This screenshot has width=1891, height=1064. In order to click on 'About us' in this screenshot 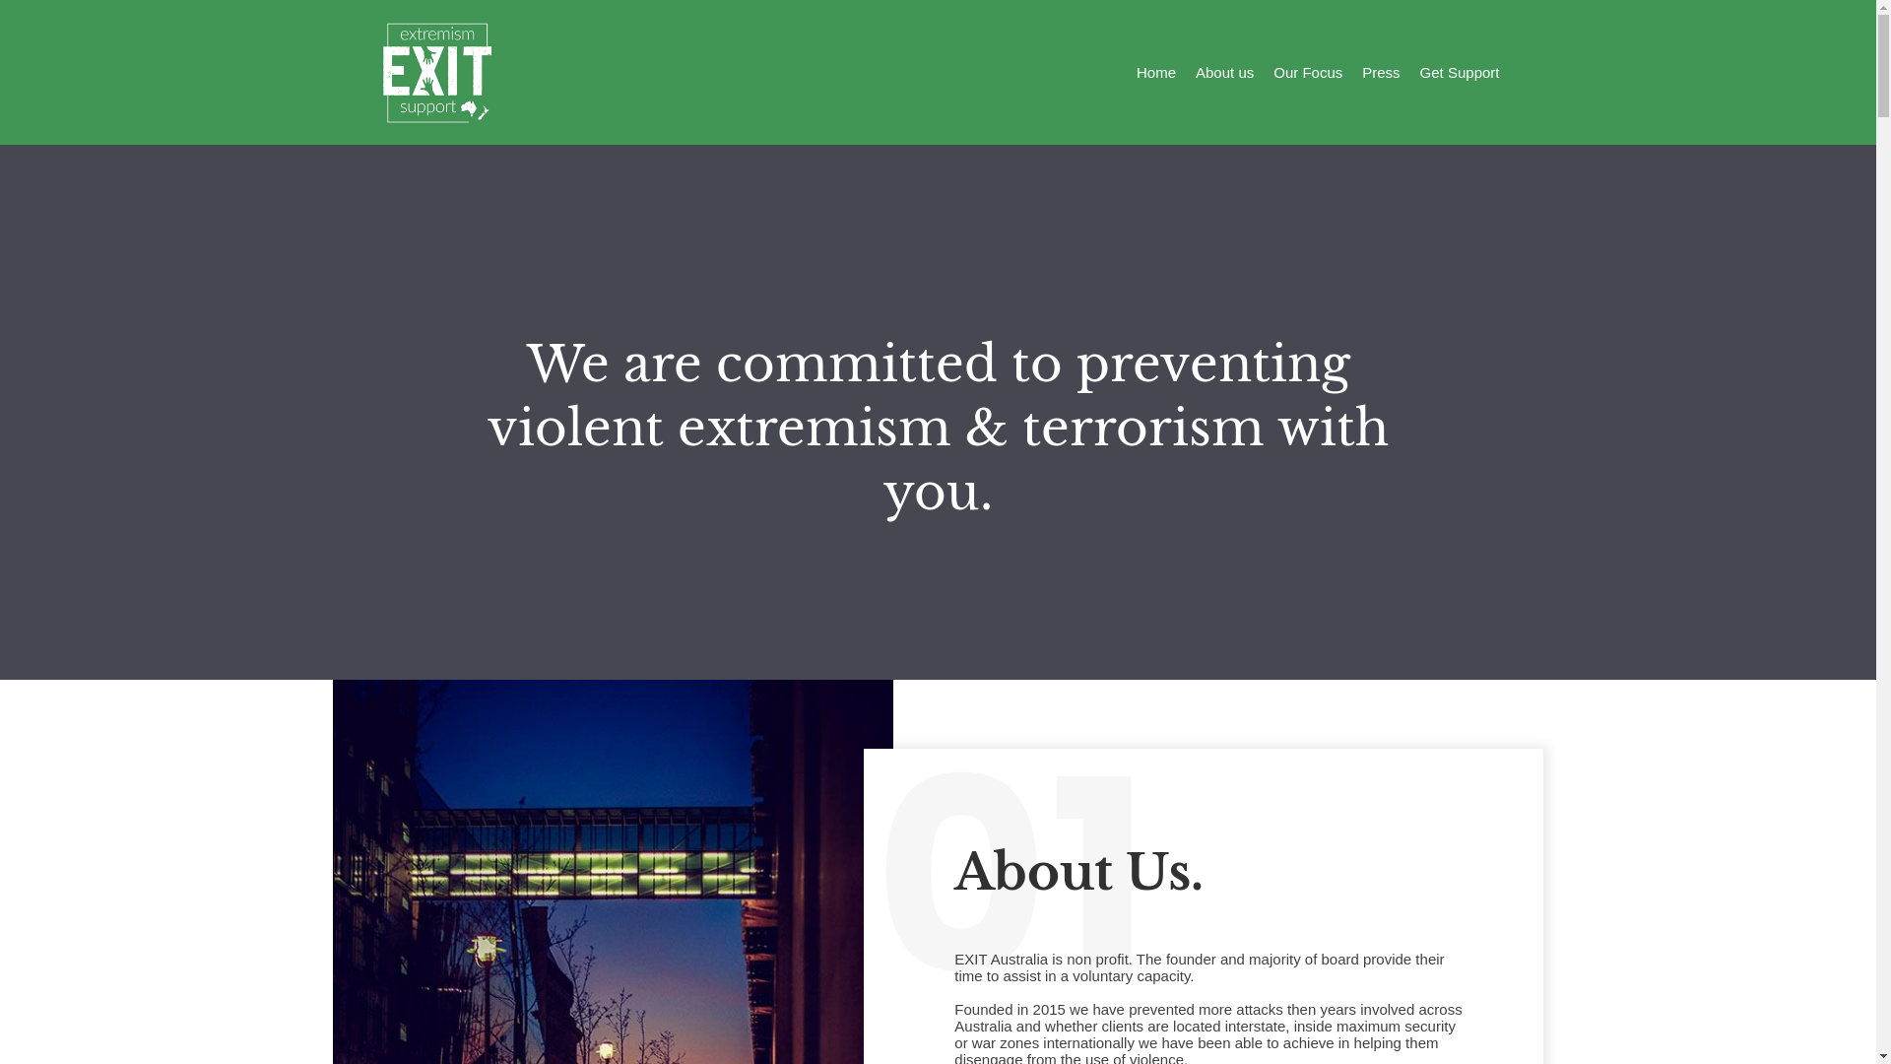, I will do `click(1195, 71)`.